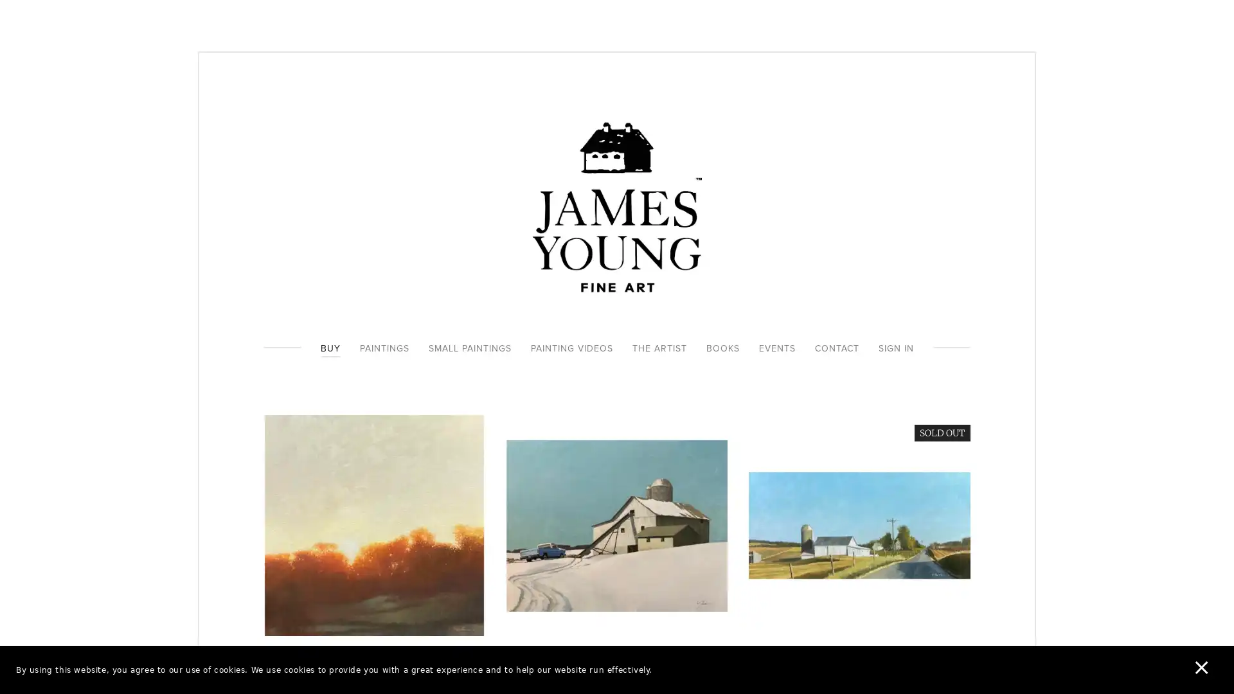 Image resolution: width=1234 pixels, height=694 pixels. Describe the element at coordinates (617, 424) in the screenshot. I see `Sign Up!` at that location.